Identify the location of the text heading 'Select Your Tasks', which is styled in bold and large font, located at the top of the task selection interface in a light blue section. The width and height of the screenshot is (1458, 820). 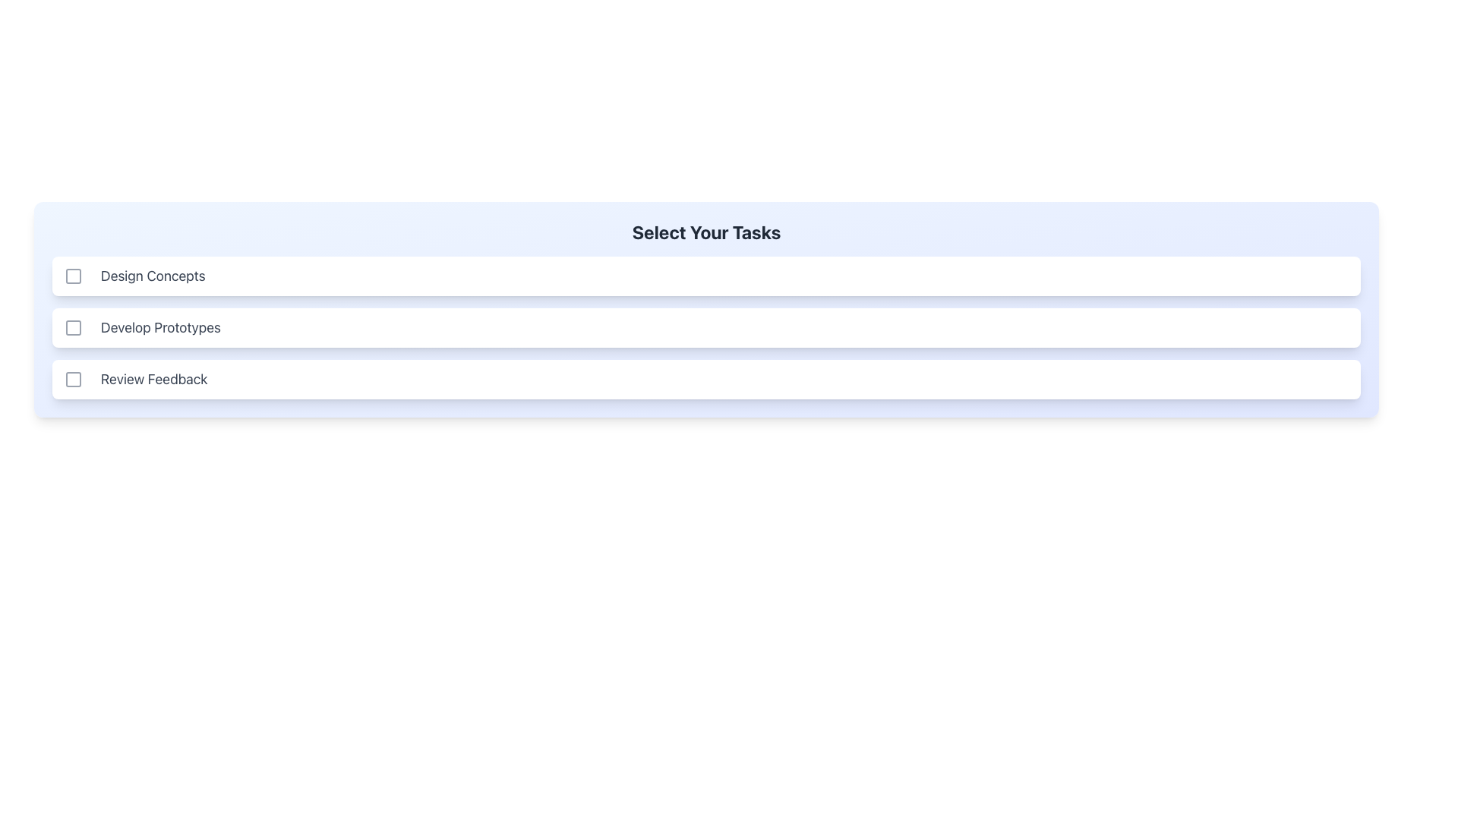
(705, 238).